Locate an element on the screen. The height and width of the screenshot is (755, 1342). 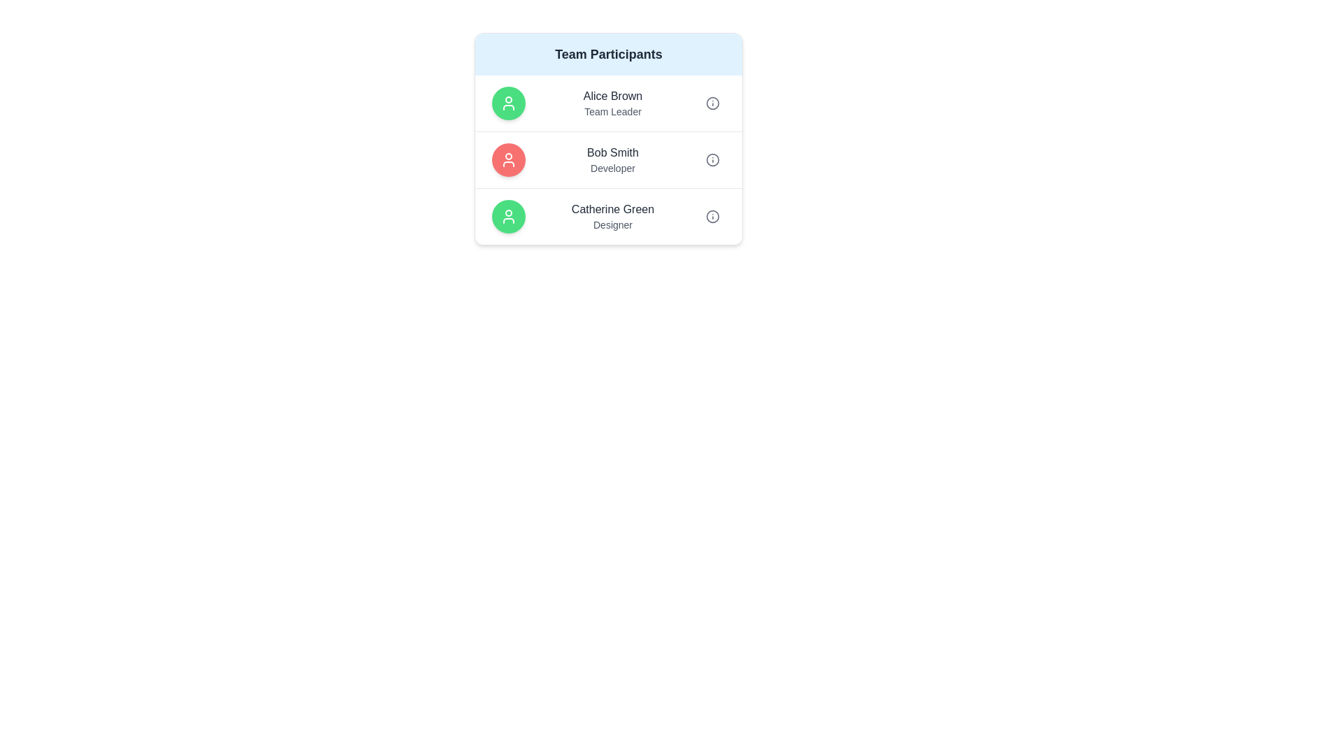
the text label 'Alice Brown', which is styled in bold dark gray and is located above the 'Team Leader' subtitle in the 'Team Participants' section is located at coordinates (613, 96).